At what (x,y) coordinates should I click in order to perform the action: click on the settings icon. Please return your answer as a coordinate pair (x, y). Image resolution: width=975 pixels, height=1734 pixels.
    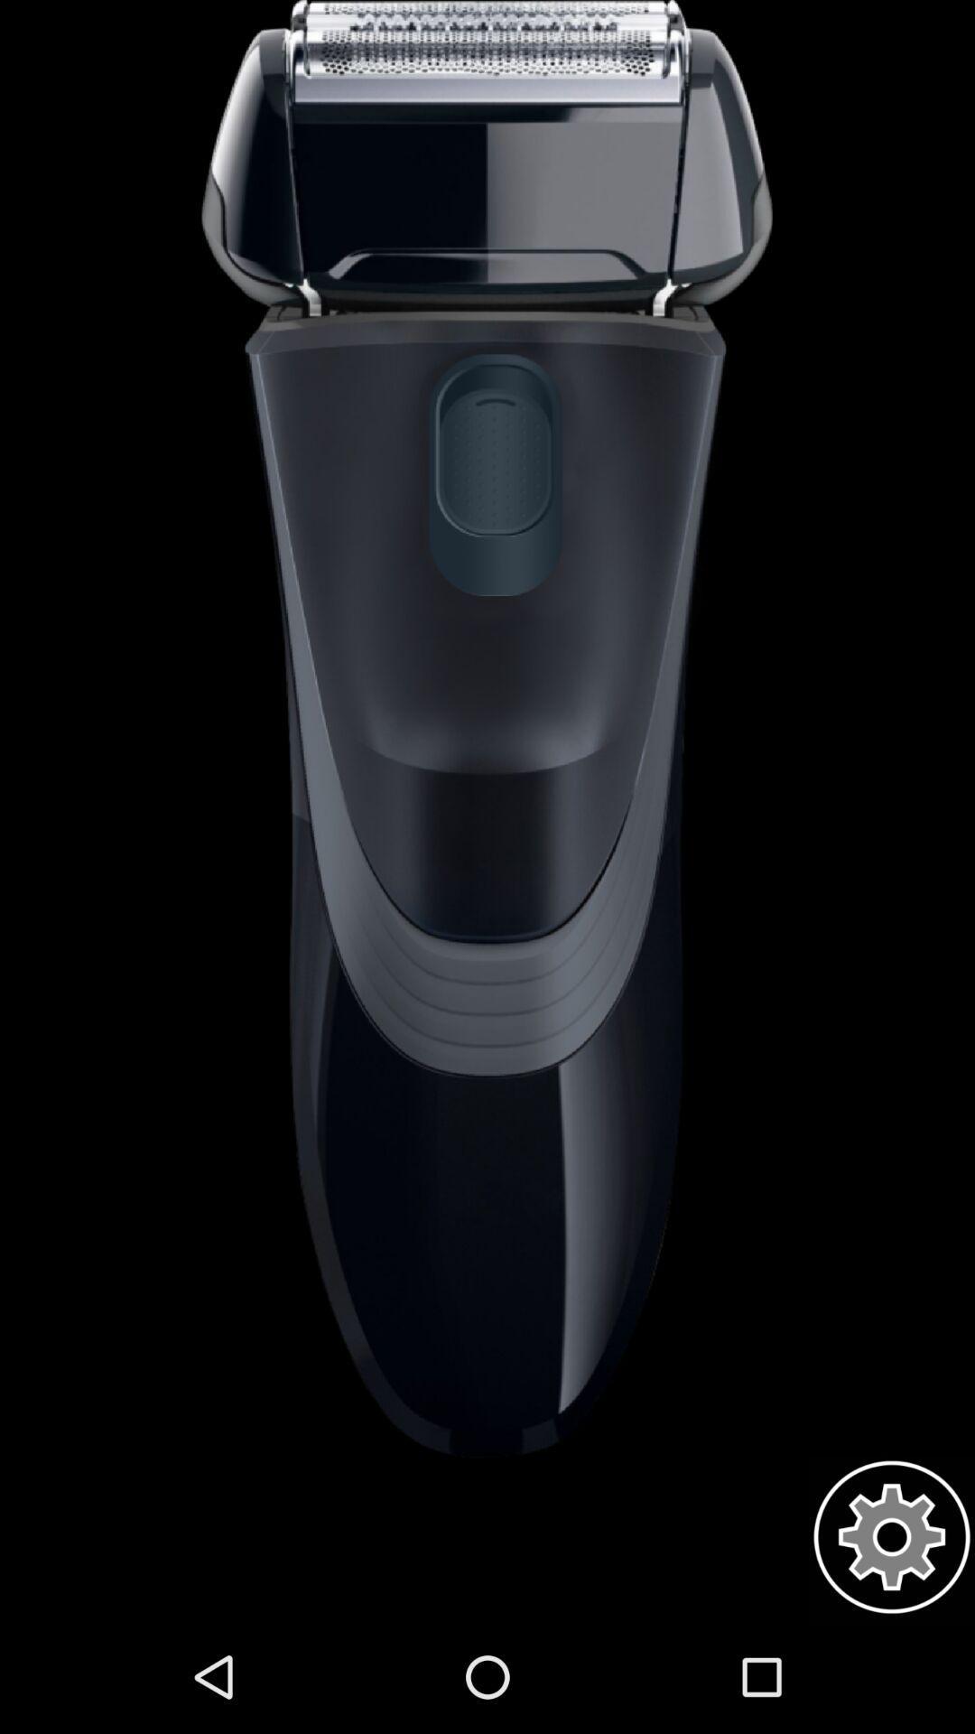
    Looking at the image, I should click on (891, 1645).